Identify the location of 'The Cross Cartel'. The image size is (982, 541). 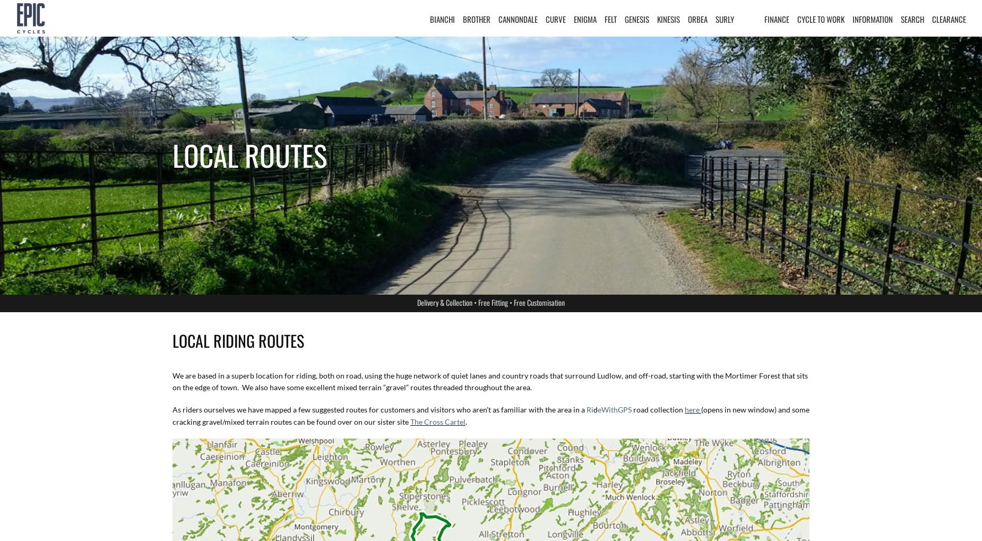
(410, 422).